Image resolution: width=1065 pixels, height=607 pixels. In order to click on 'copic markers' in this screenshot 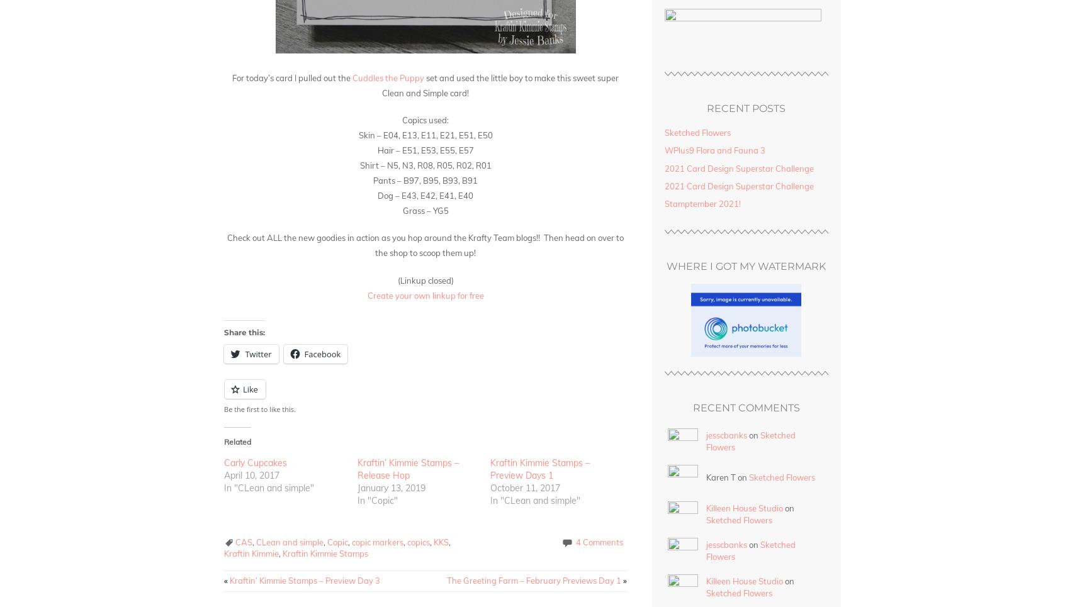, I will do `click(376, 541)`.